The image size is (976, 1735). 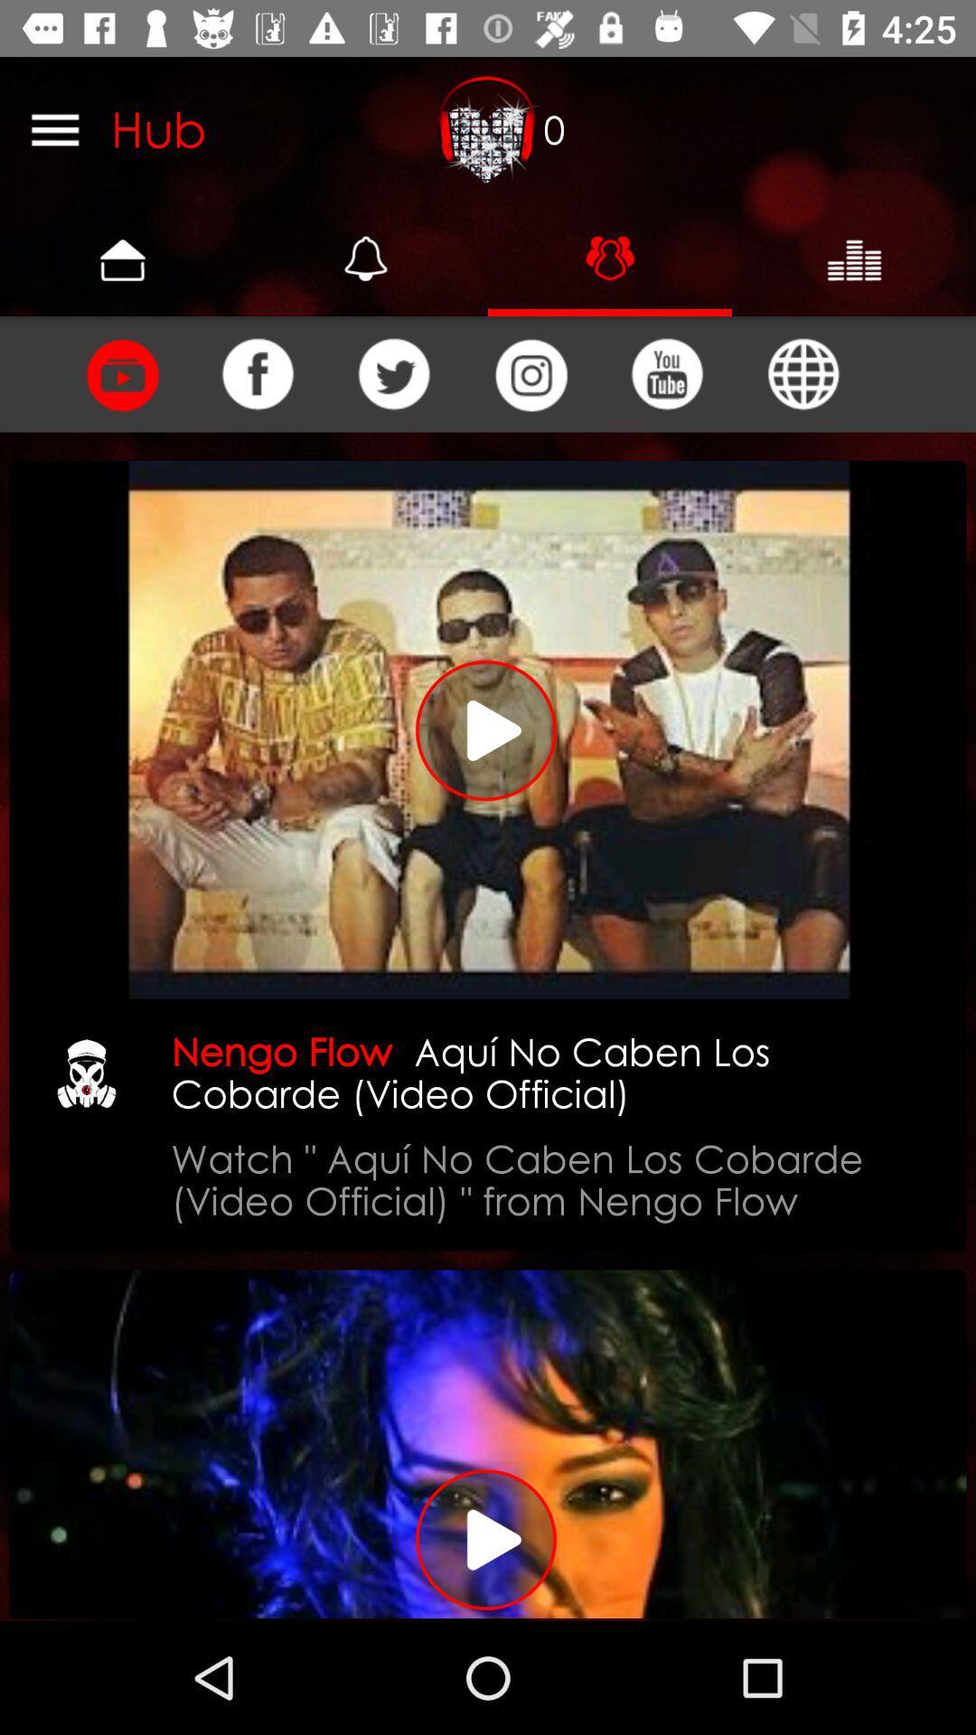 What do you see at coordinates (488, 729) in the screenshot?
I see `watch video` at bounding box center [488, 729].